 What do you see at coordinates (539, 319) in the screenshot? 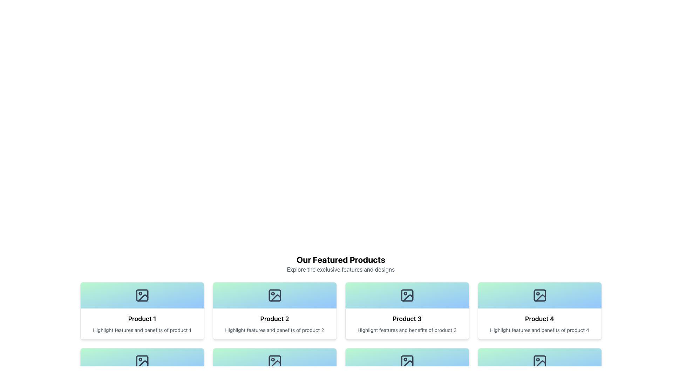
I see `the text label displaying 'Product 4', which is located at the bottom center of the fourth product card in the product grid` at bounding box center [539, 319].